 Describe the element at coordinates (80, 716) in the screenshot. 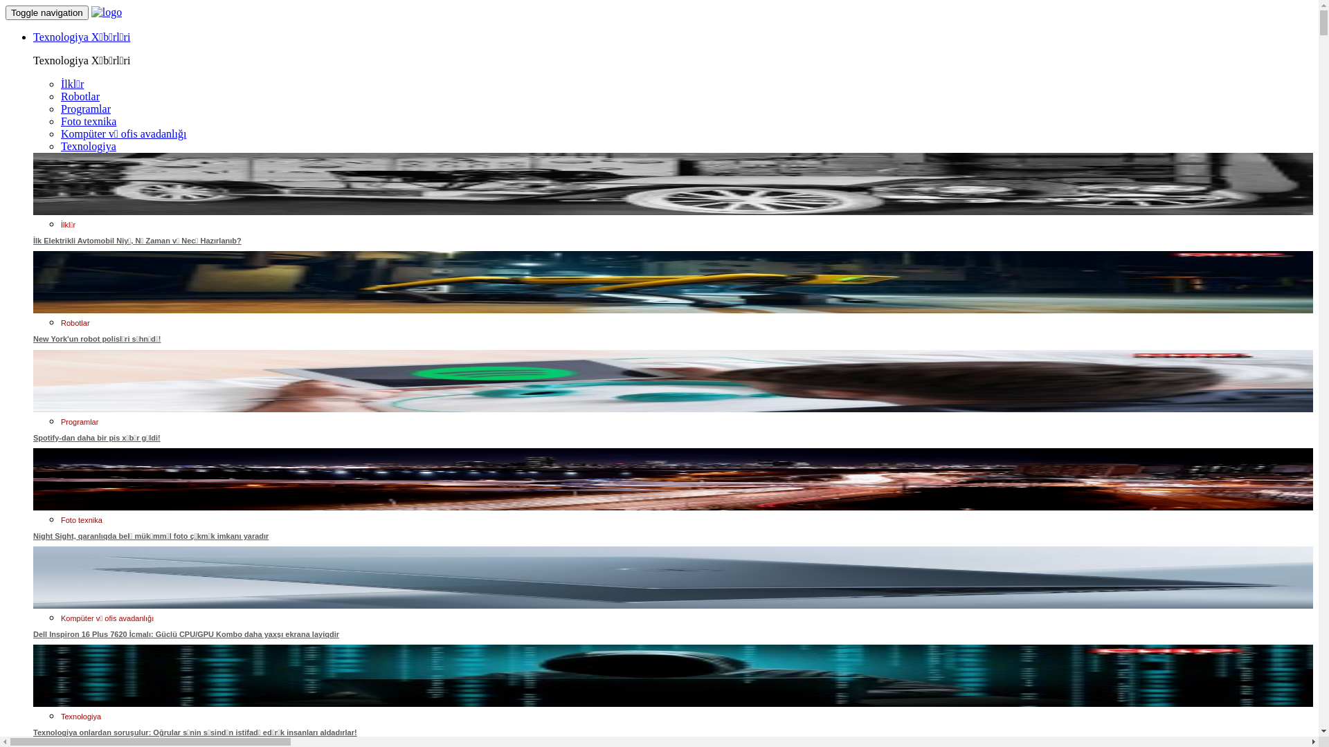

I see `'Texnologiya'` at that location.